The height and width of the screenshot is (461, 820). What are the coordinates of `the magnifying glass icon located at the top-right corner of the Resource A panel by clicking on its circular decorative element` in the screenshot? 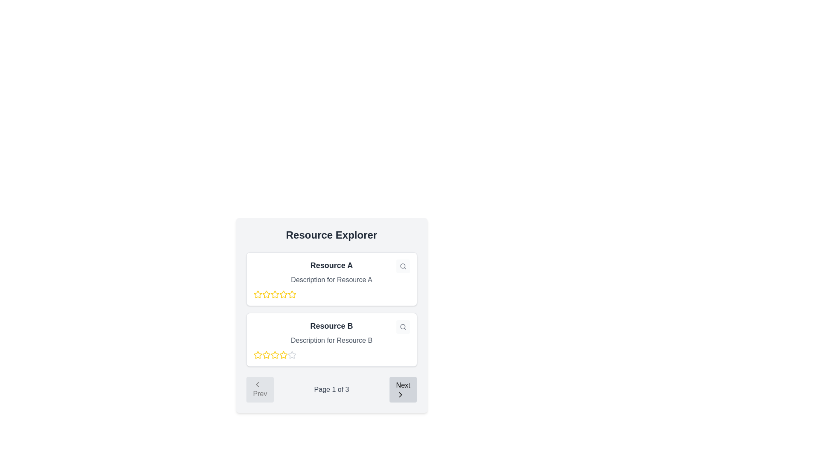 It's located at (402, 266).